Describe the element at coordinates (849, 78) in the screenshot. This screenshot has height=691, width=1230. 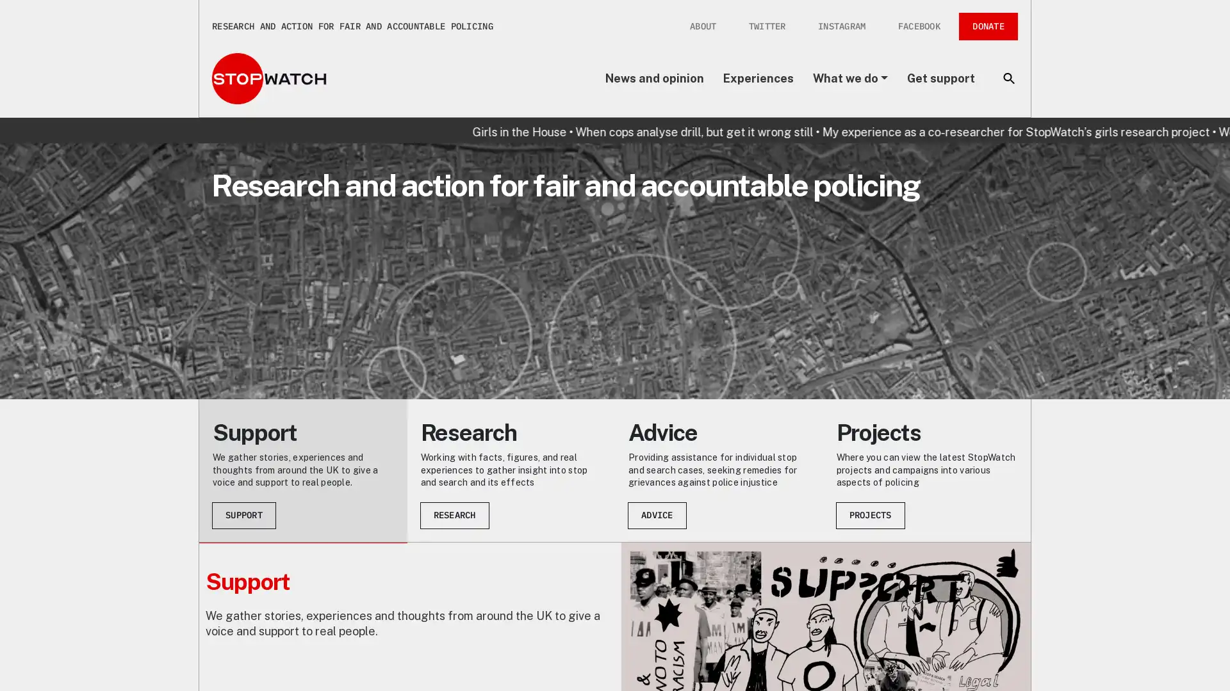
I see `What we do` at that location.